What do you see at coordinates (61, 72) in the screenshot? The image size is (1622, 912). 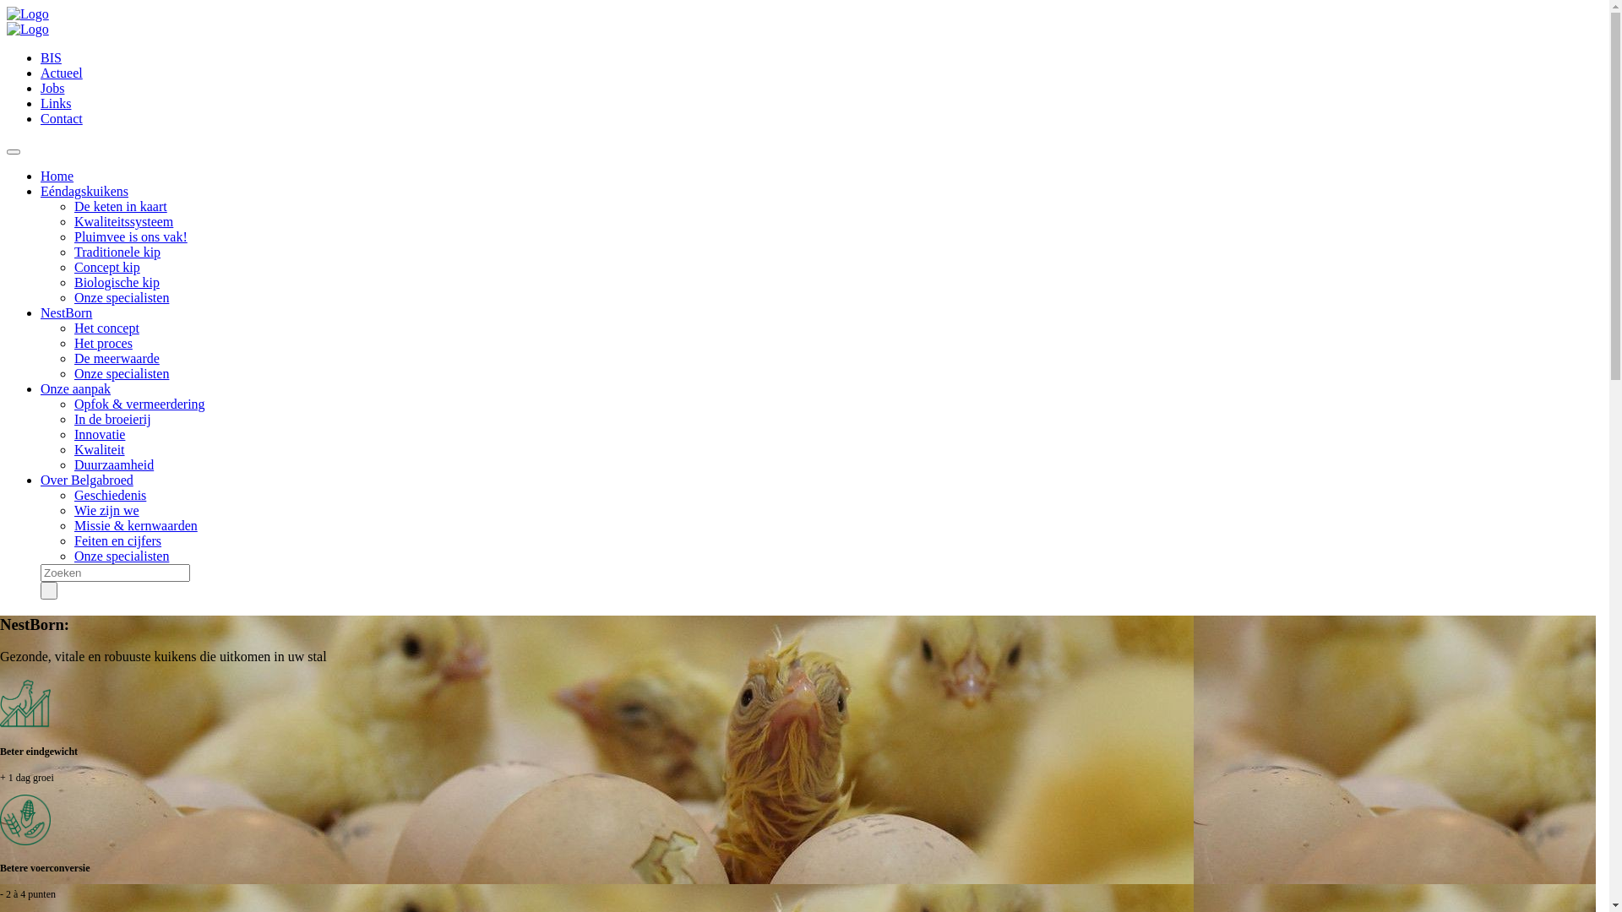 I see `'Actueel'` at bounding box center [61, 72].